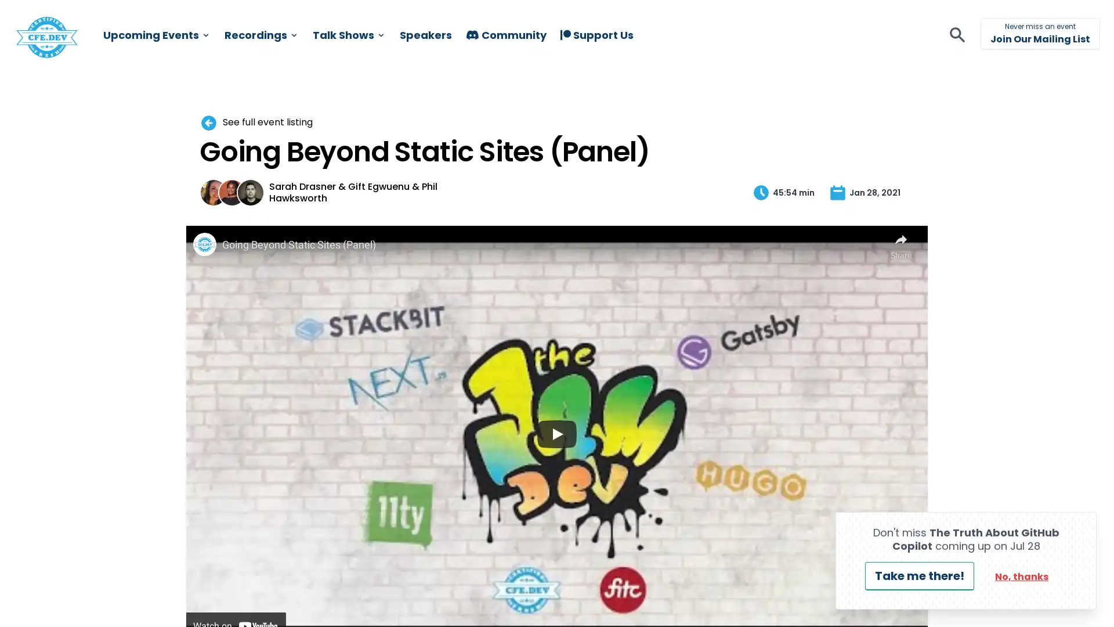  What do you see at coordinates (440, 41) in the screenshot?
I see `Search` at bounding box center [440, 41].